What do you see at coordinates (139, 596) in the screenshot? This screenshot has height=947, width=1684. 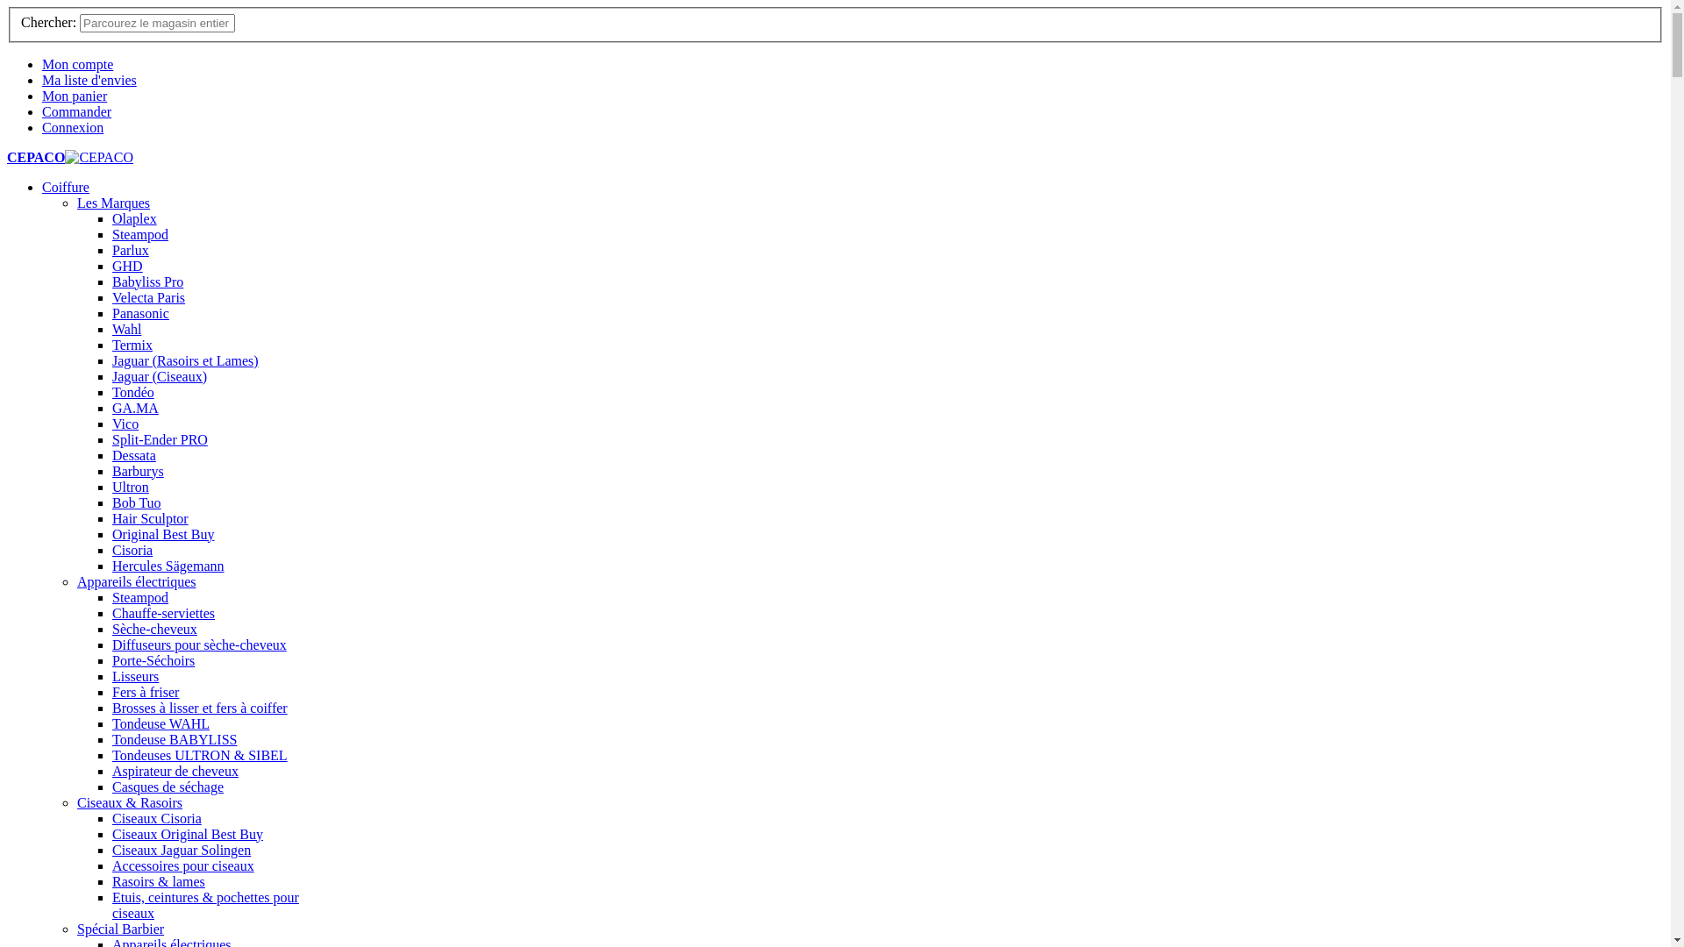 I see `'Steampod'` at bounding box center [139, 596].